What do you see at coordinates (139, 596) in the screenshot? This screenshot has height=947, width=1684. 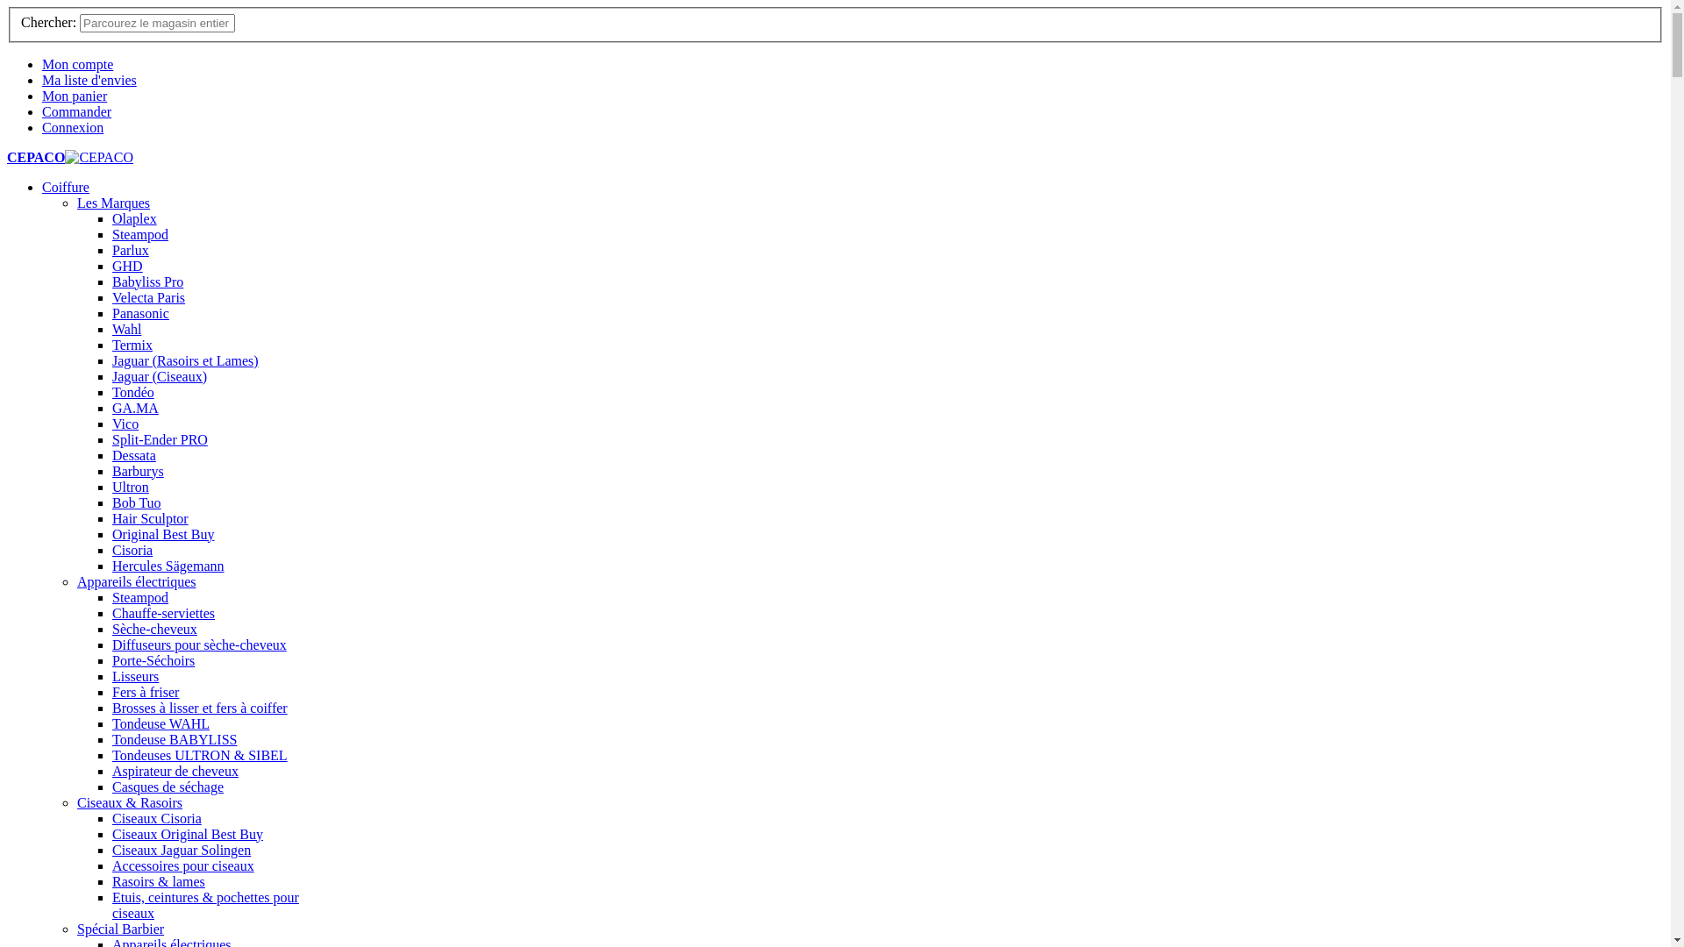 I see `'Steampod'` at bounding box center [139, 596].